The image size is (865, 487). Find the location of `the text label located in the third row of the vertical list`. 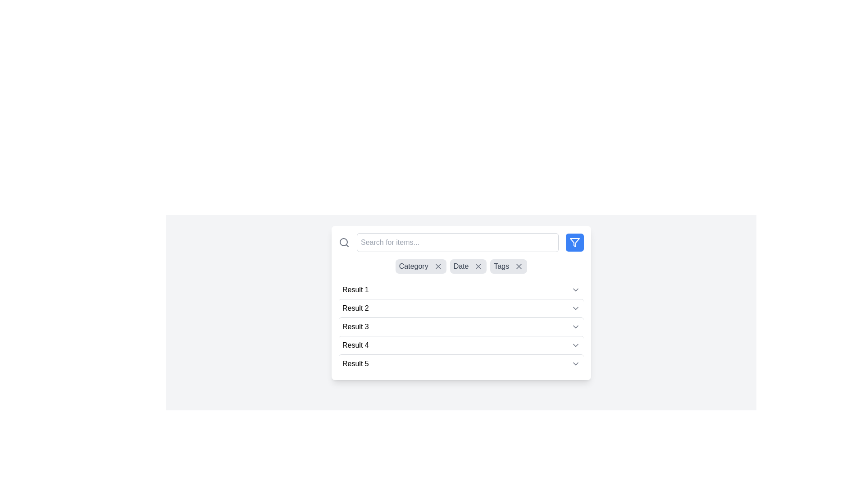

the text label located in the third row of the vertical list is located at coordinates (355, 327).